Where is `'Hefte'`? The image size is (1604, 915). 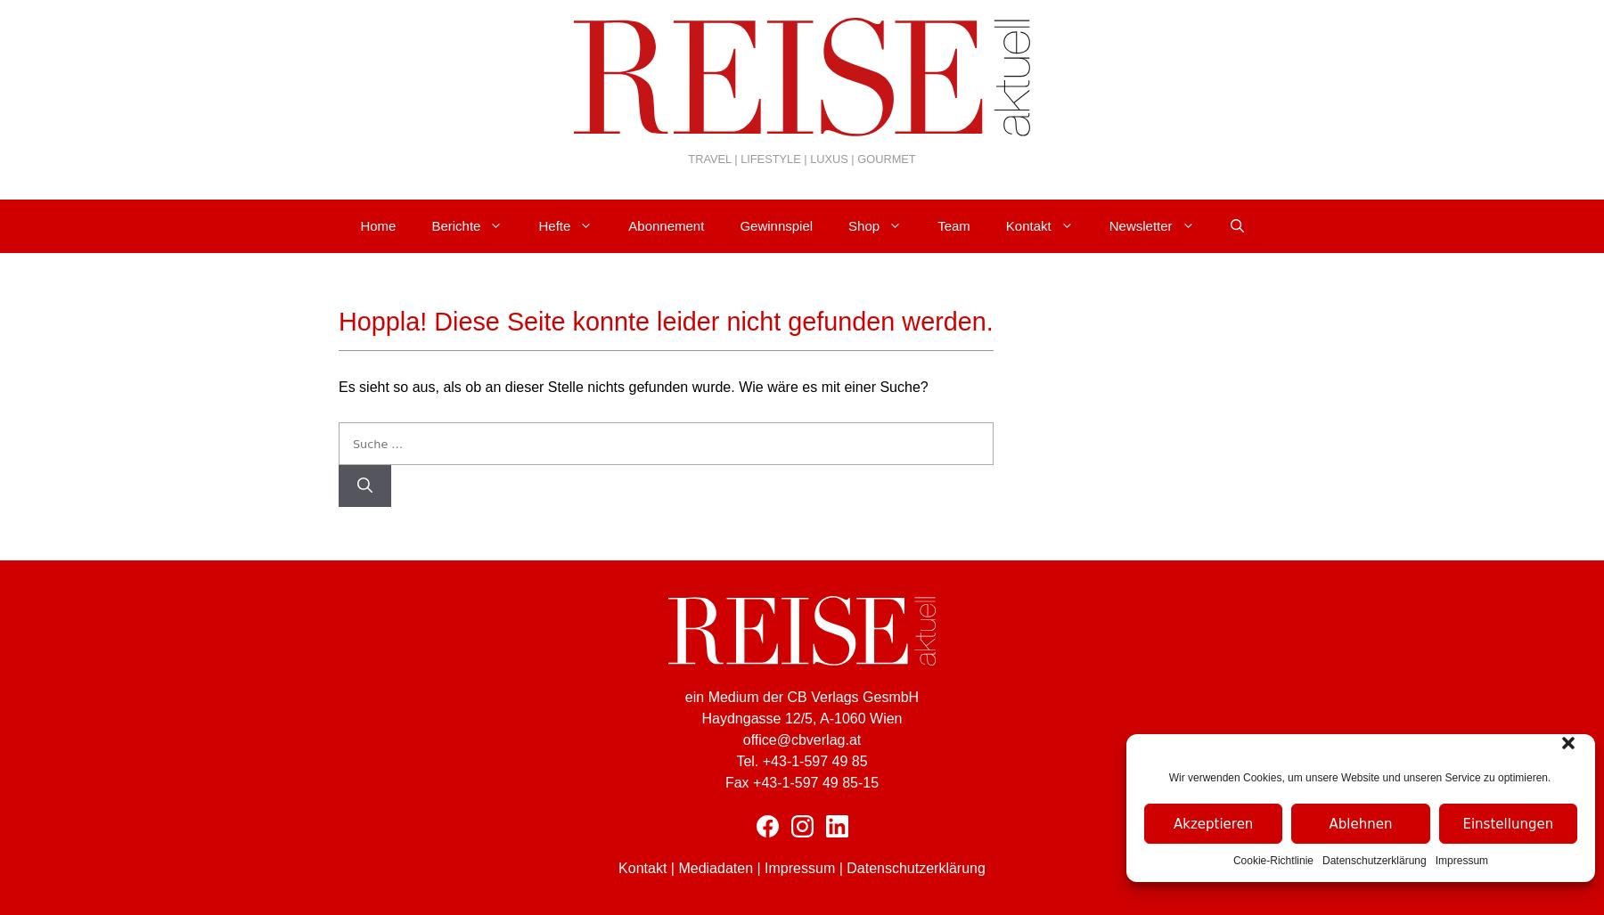
'Hefte' is located at coordinates (554, 225).